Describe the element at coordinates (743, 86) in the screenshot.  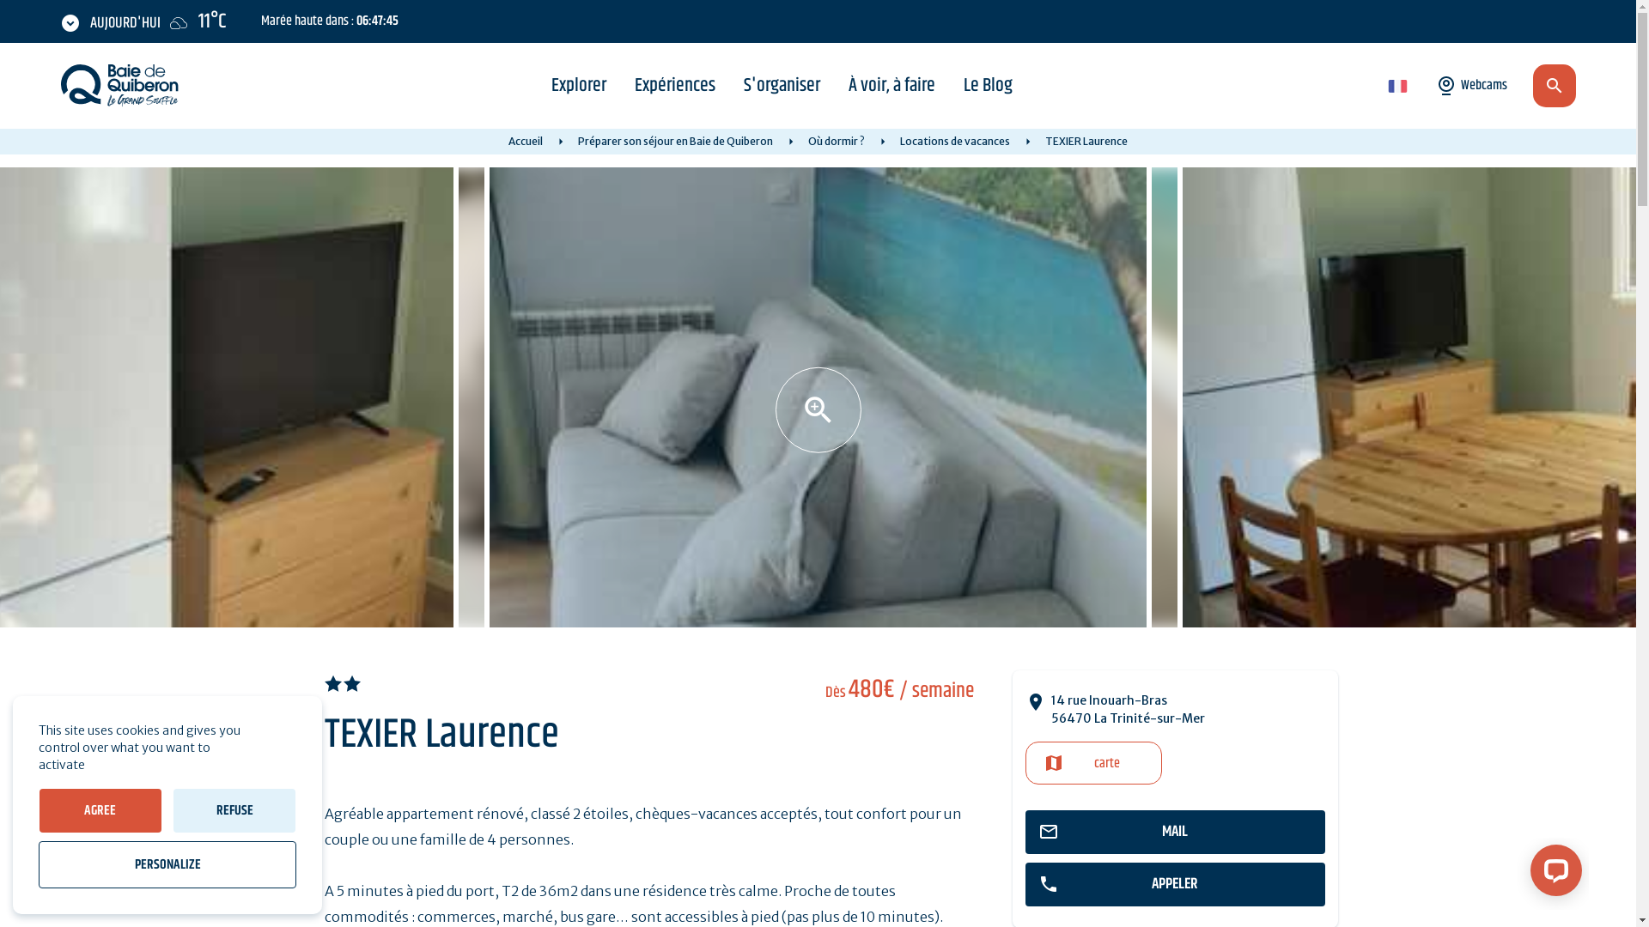
I see `'S'organiser'` at that location.